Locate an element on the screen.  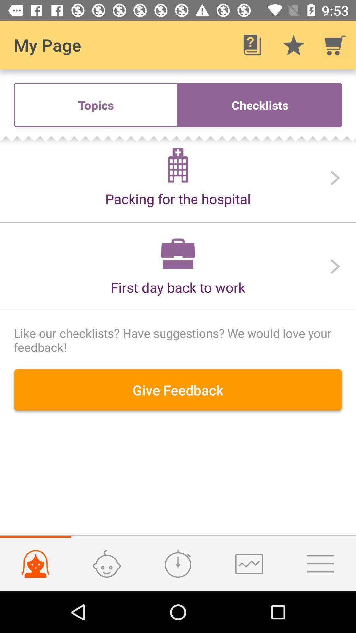
item above checklists icon is located at coordinates (335, 45).